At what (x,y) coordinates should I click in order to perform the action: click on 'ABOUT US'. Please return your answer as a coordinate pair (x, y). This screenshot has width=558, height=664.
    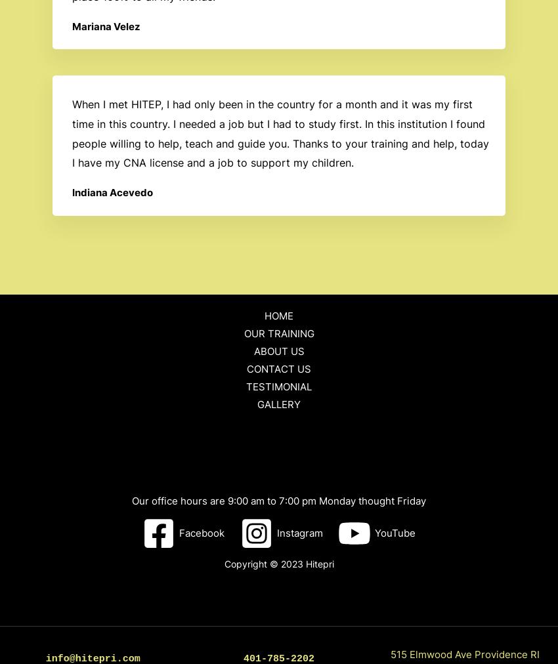
    Looking at the image, I should click on (278, 350).